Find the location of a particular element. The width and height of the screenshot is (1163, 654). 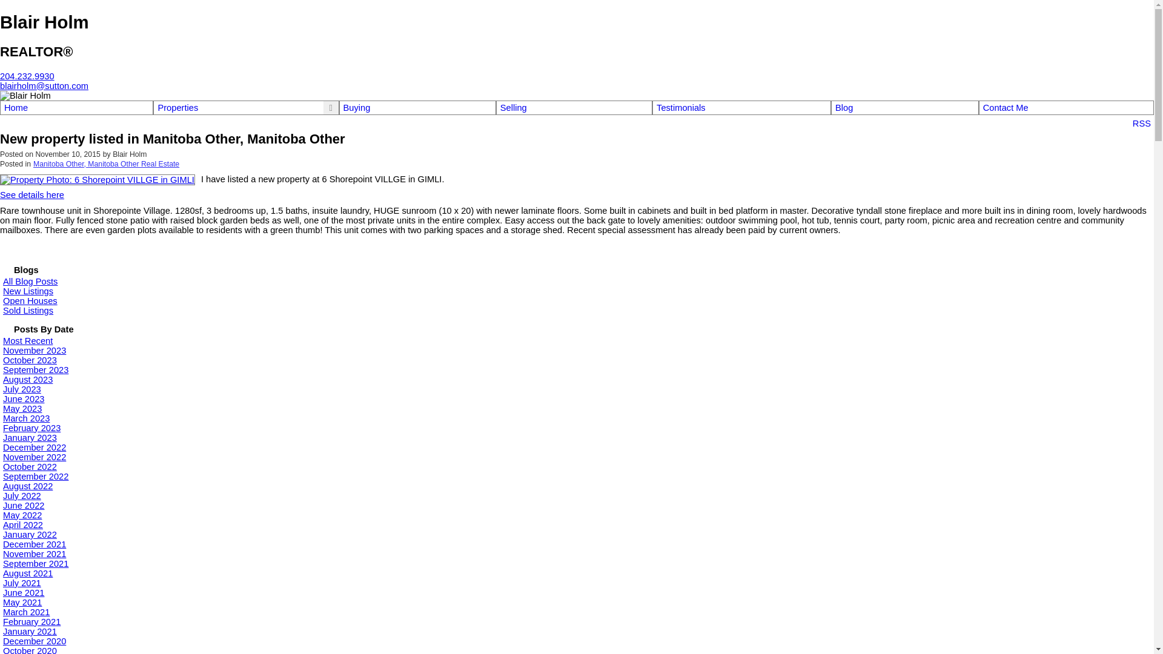

'July 2021' is located at coordinates (22, 583).